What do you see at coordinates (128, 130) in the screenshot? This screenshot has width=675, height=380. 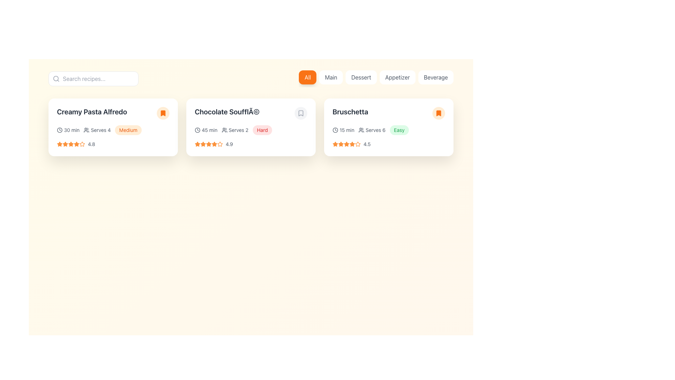 I see `text of the pill-shaped tag labeled 'Medium' with a light orange background, located at the bottom right part of the 'Creamy Pasta Alfredo' card` at bounding box center [128, 130].